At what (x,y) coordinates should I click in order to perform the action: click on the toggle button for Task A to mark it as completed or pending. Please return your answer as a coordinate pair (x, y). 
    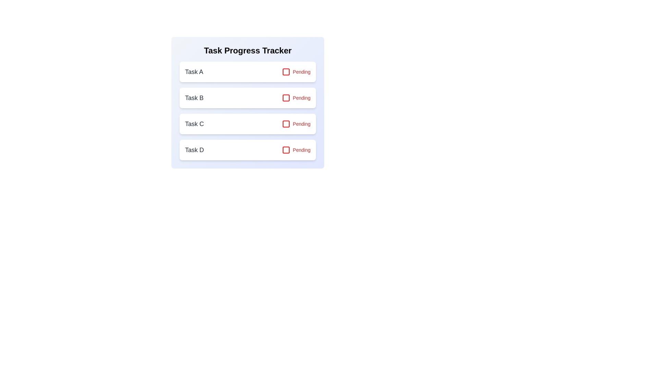
    Looking at the image, I should click on (296, 72).